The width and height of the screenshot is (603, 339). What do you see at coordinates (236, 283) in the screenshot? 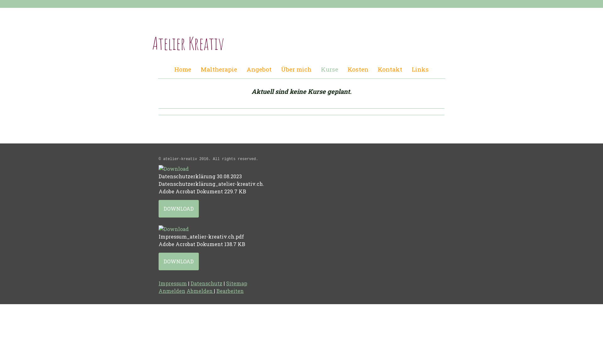
I see `'Sitemap'` at bounding box center [236, 283].